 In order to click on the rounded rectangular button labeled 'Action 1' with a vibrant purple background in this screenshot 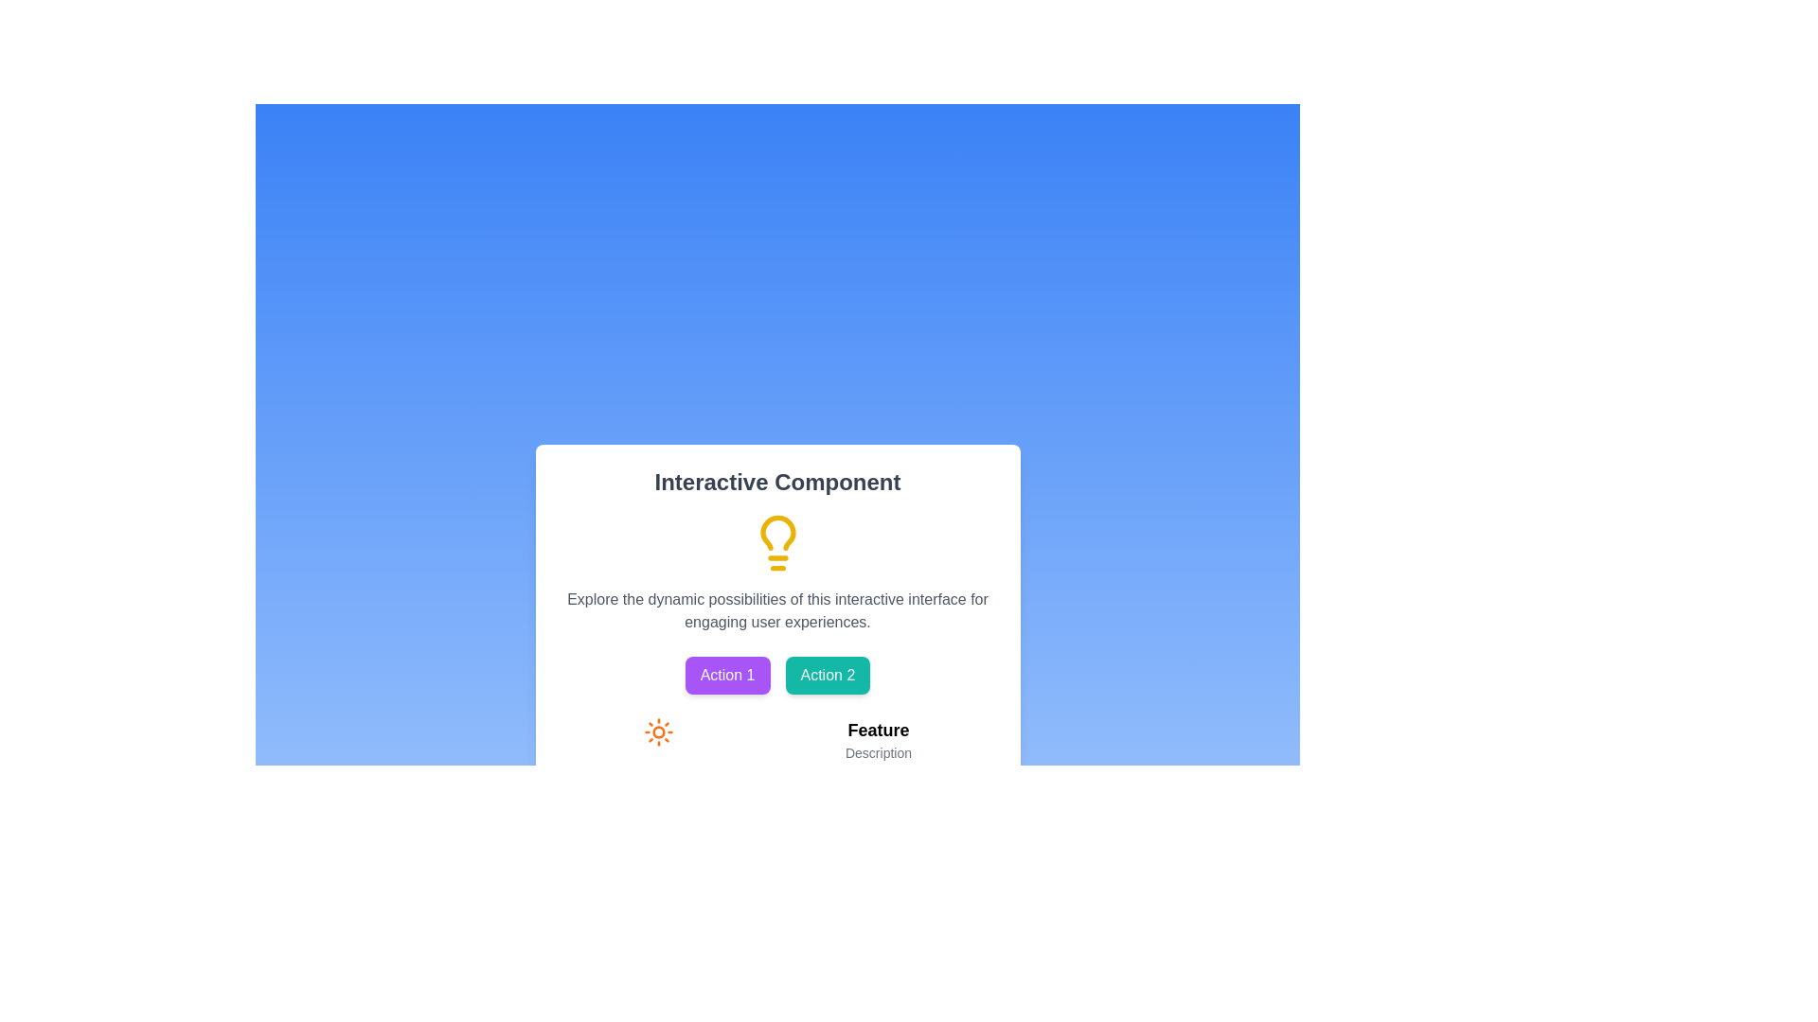, I will do `click(726, 674)`.